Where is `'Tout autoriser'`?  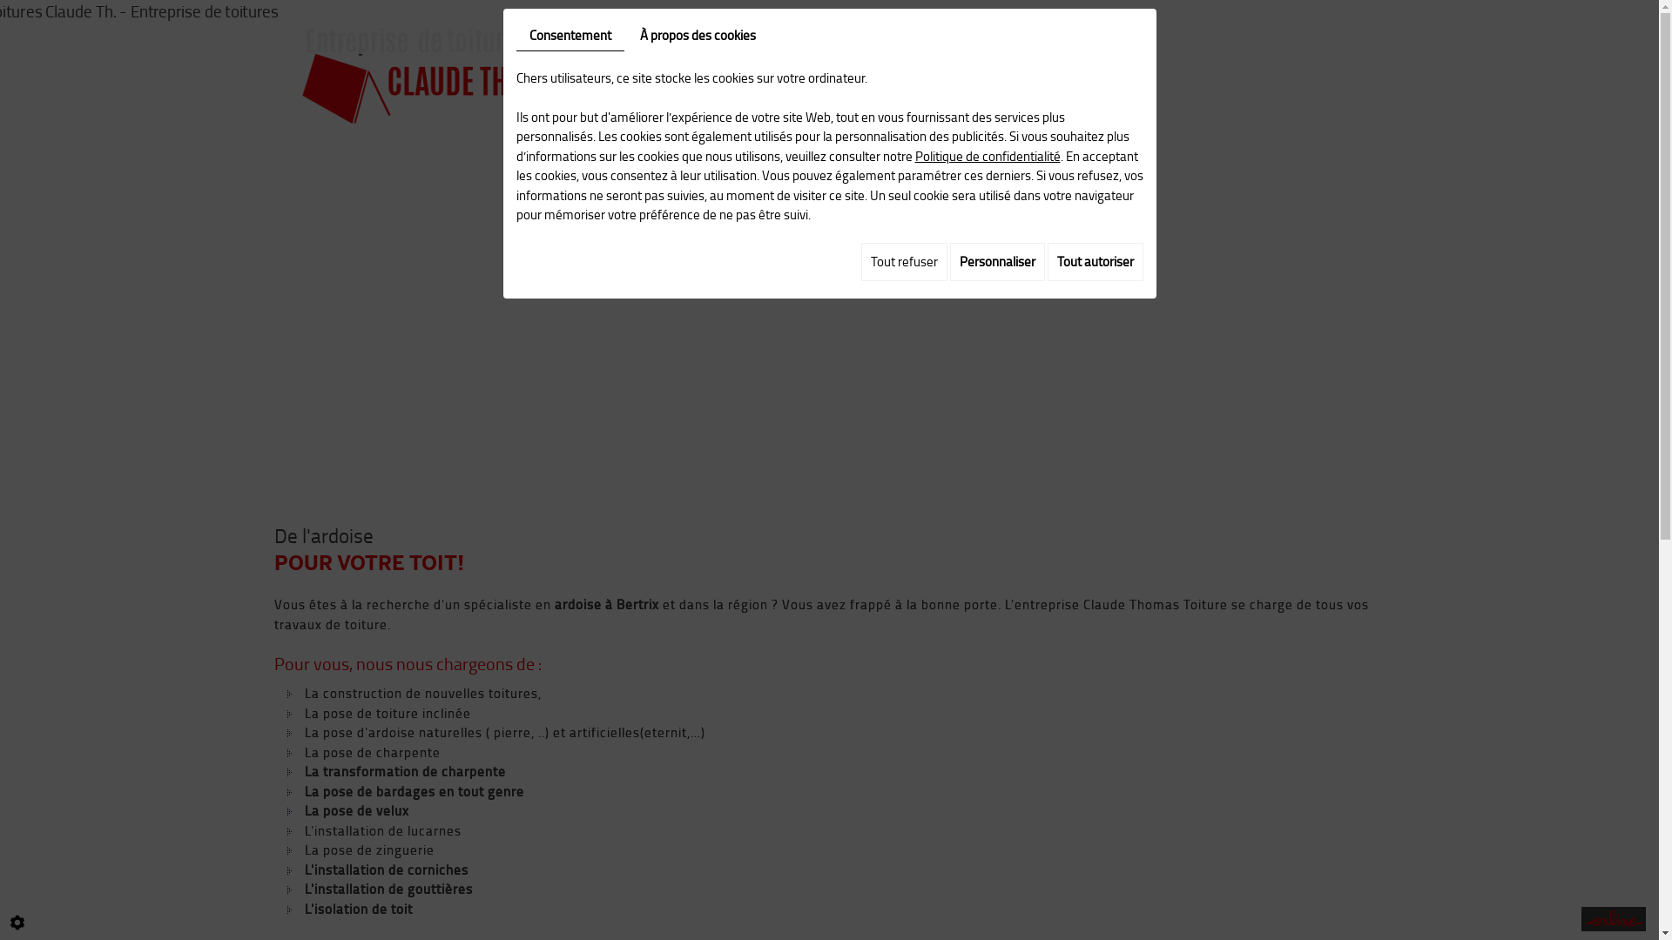 'Tout autoriser' is located at coordinates (1094, 261).